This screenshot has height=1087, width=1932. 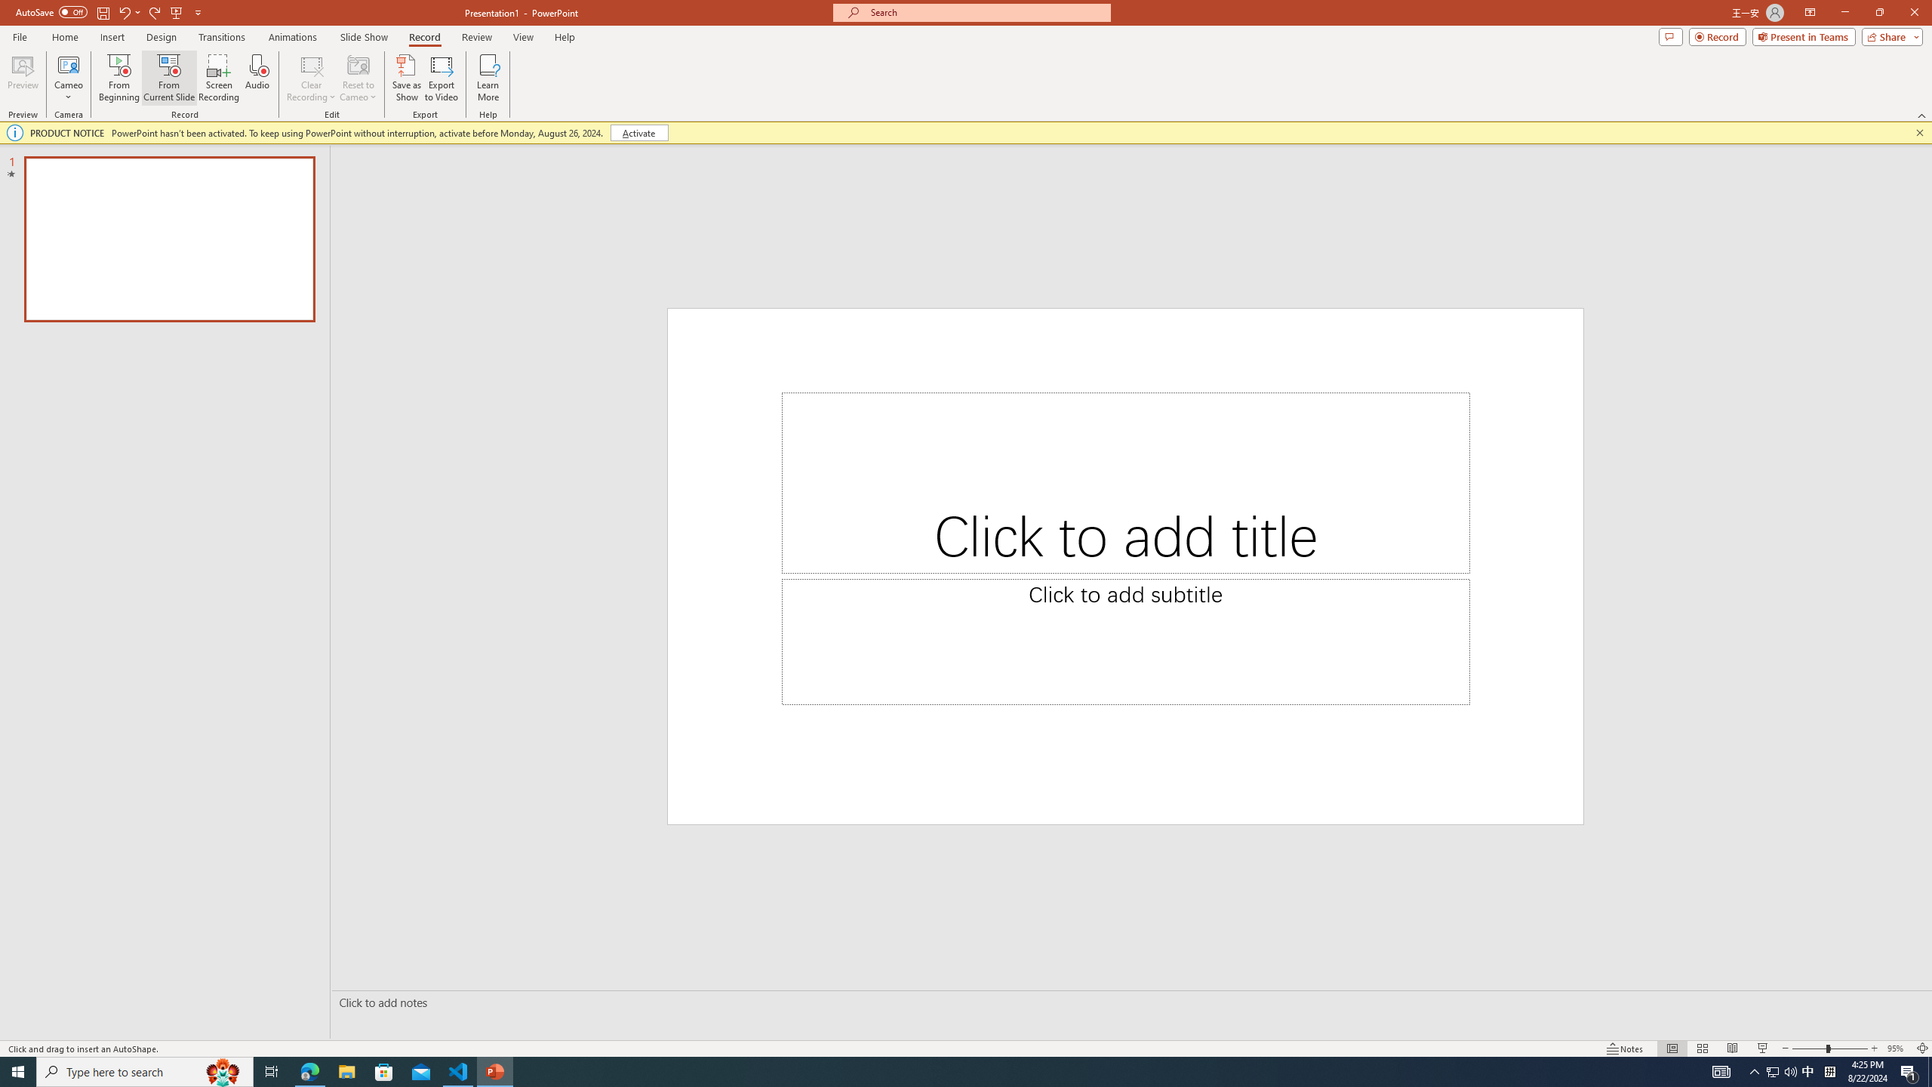 I want to click on 'Learn More', so click(x=488, y=78).